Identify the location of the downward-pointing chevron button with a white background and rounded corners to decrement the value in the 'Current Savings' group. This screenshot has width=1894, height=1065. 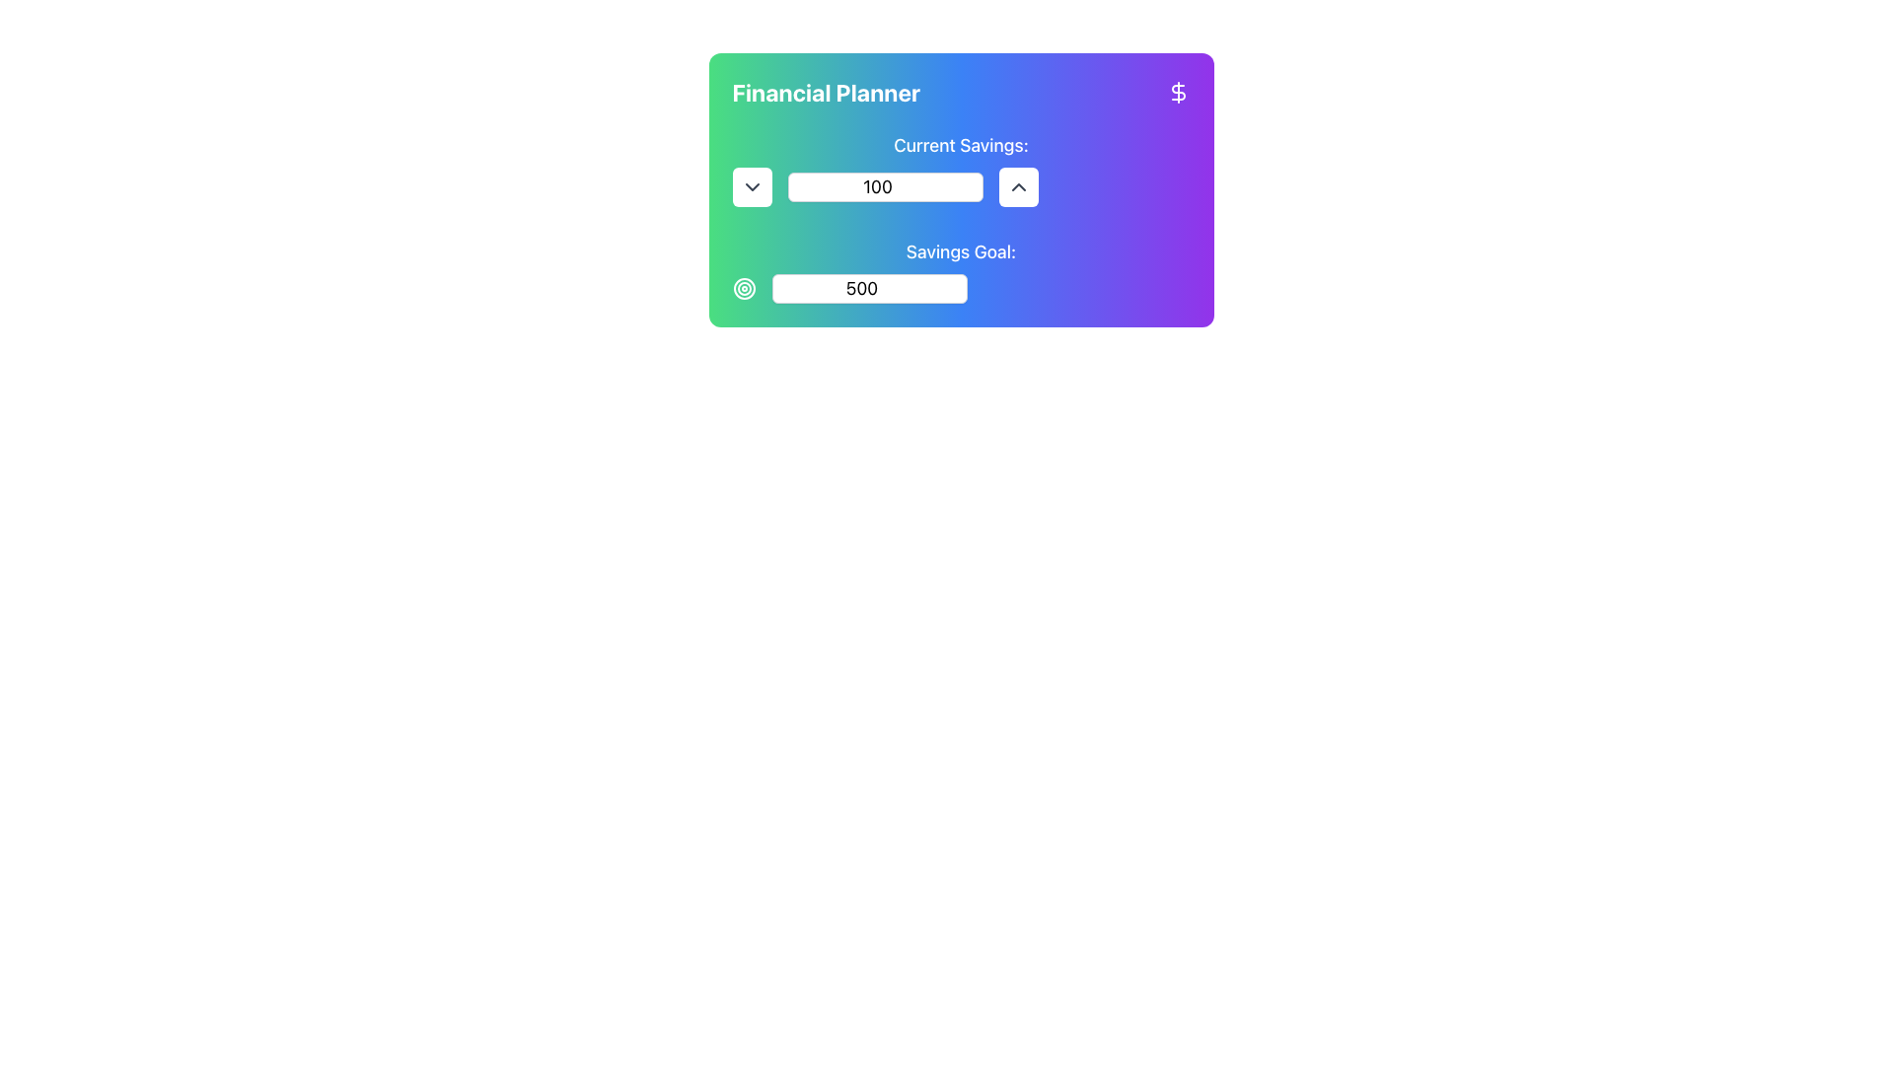
(751, 186).